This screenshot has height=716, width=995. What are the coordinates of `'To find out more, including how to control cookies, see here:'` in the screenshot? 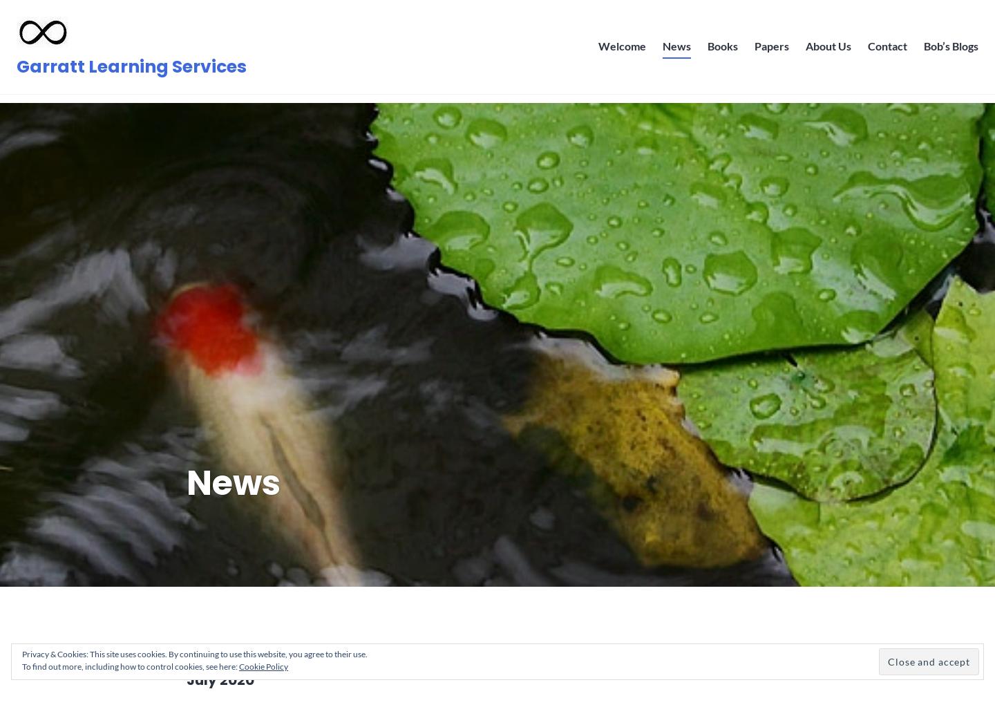 It's located at (131, 666).